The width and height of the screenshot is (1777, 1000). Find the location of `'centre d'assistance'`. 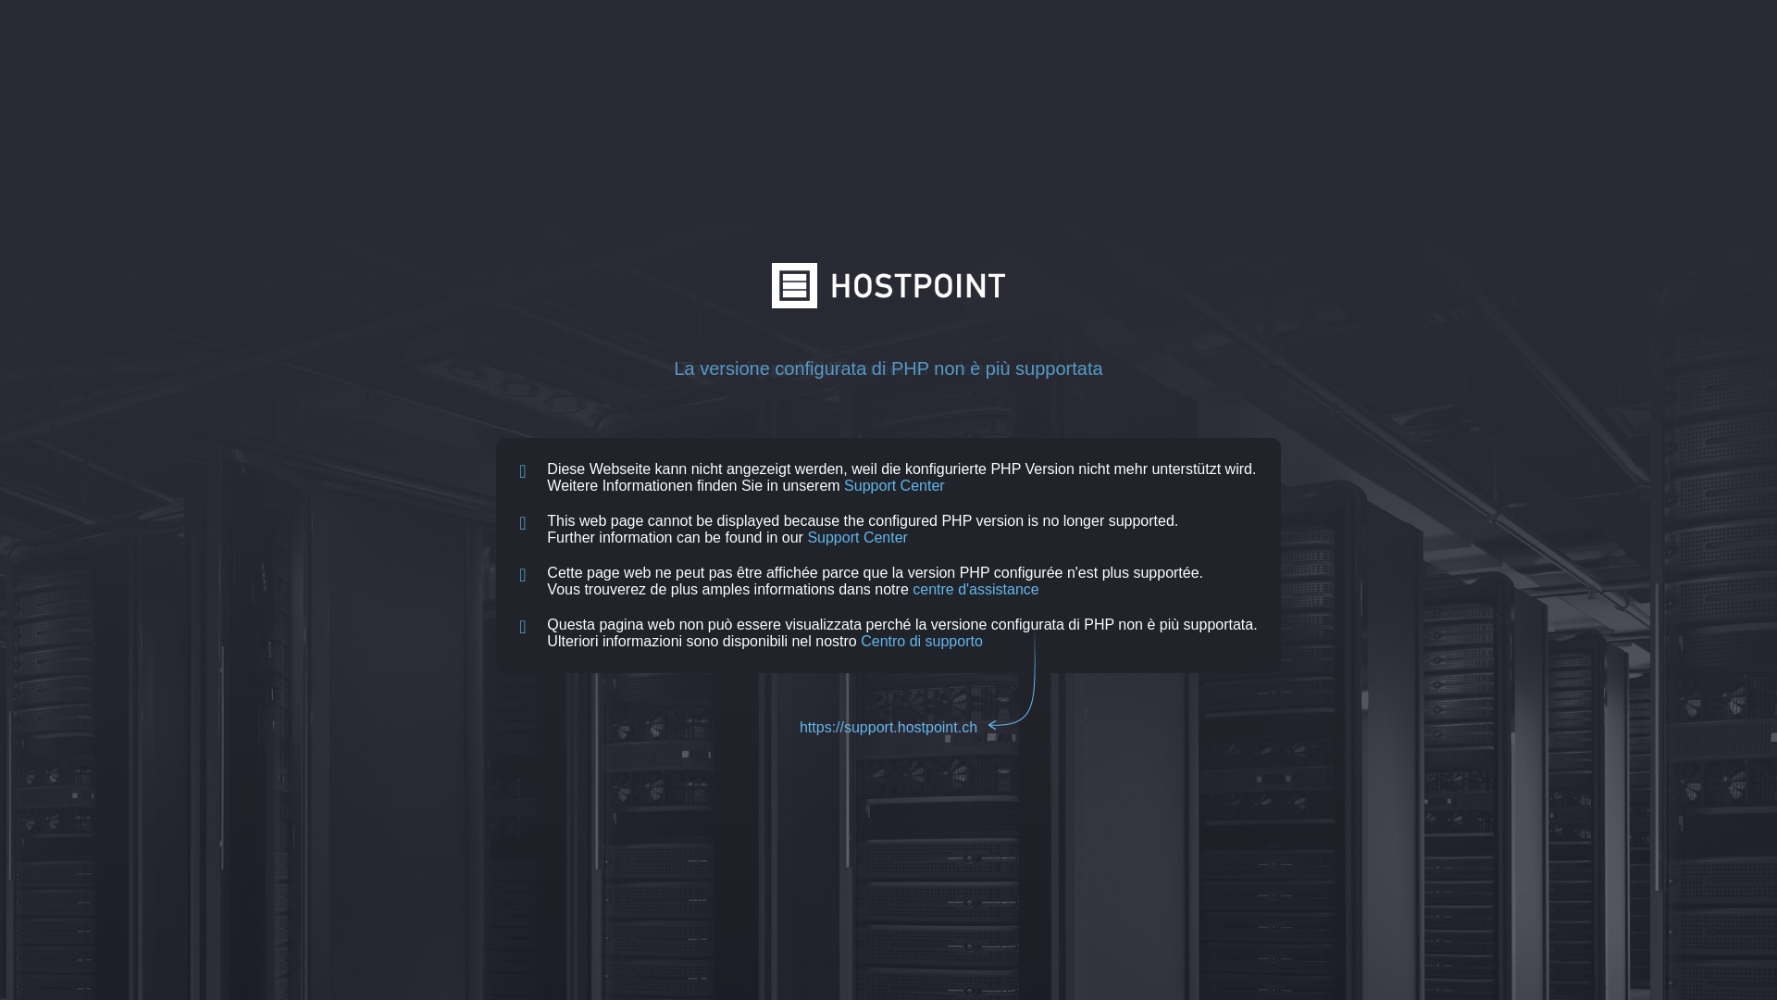

'centre d'assistance' is located at coordinates (975, 589).